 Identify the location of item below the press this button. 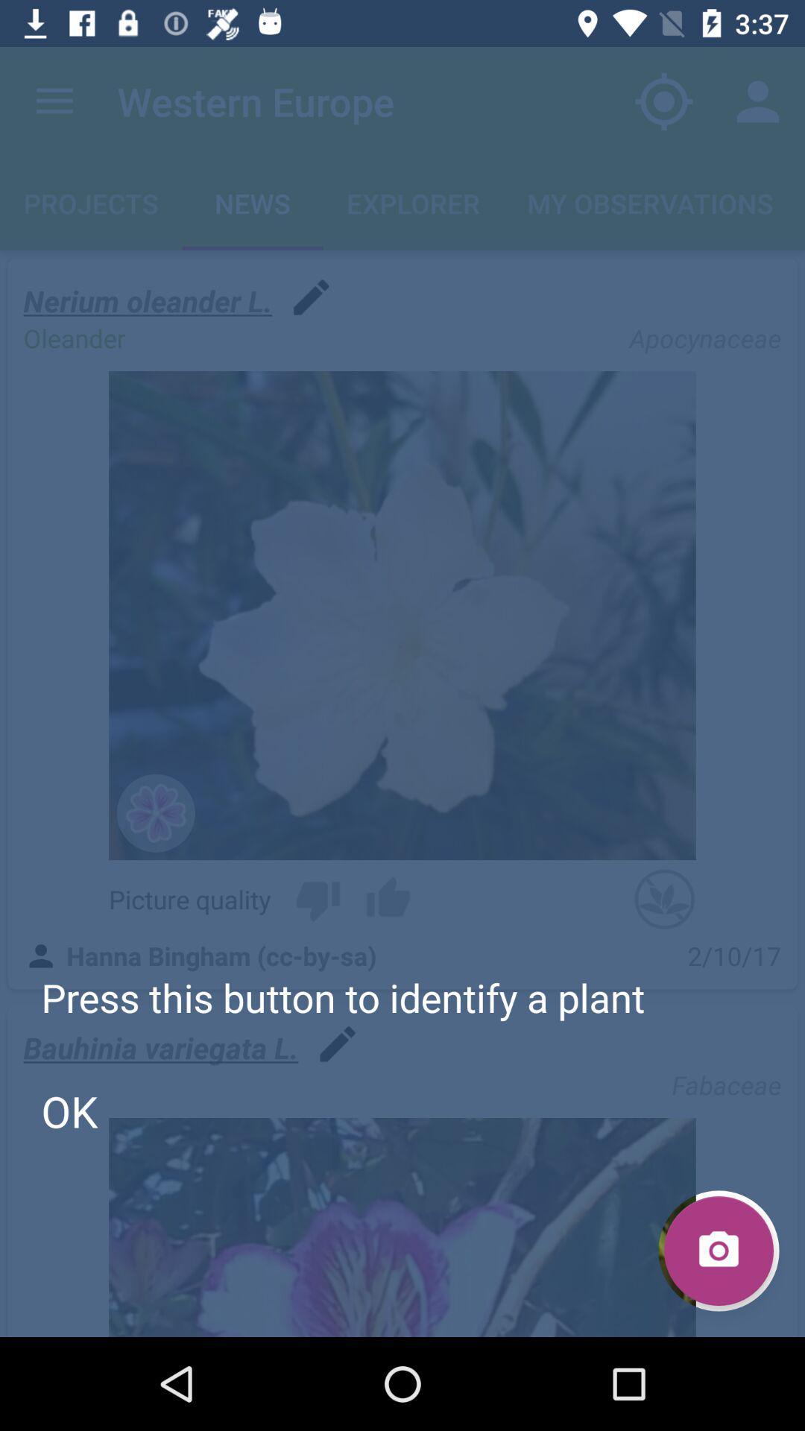
(69, 1111).